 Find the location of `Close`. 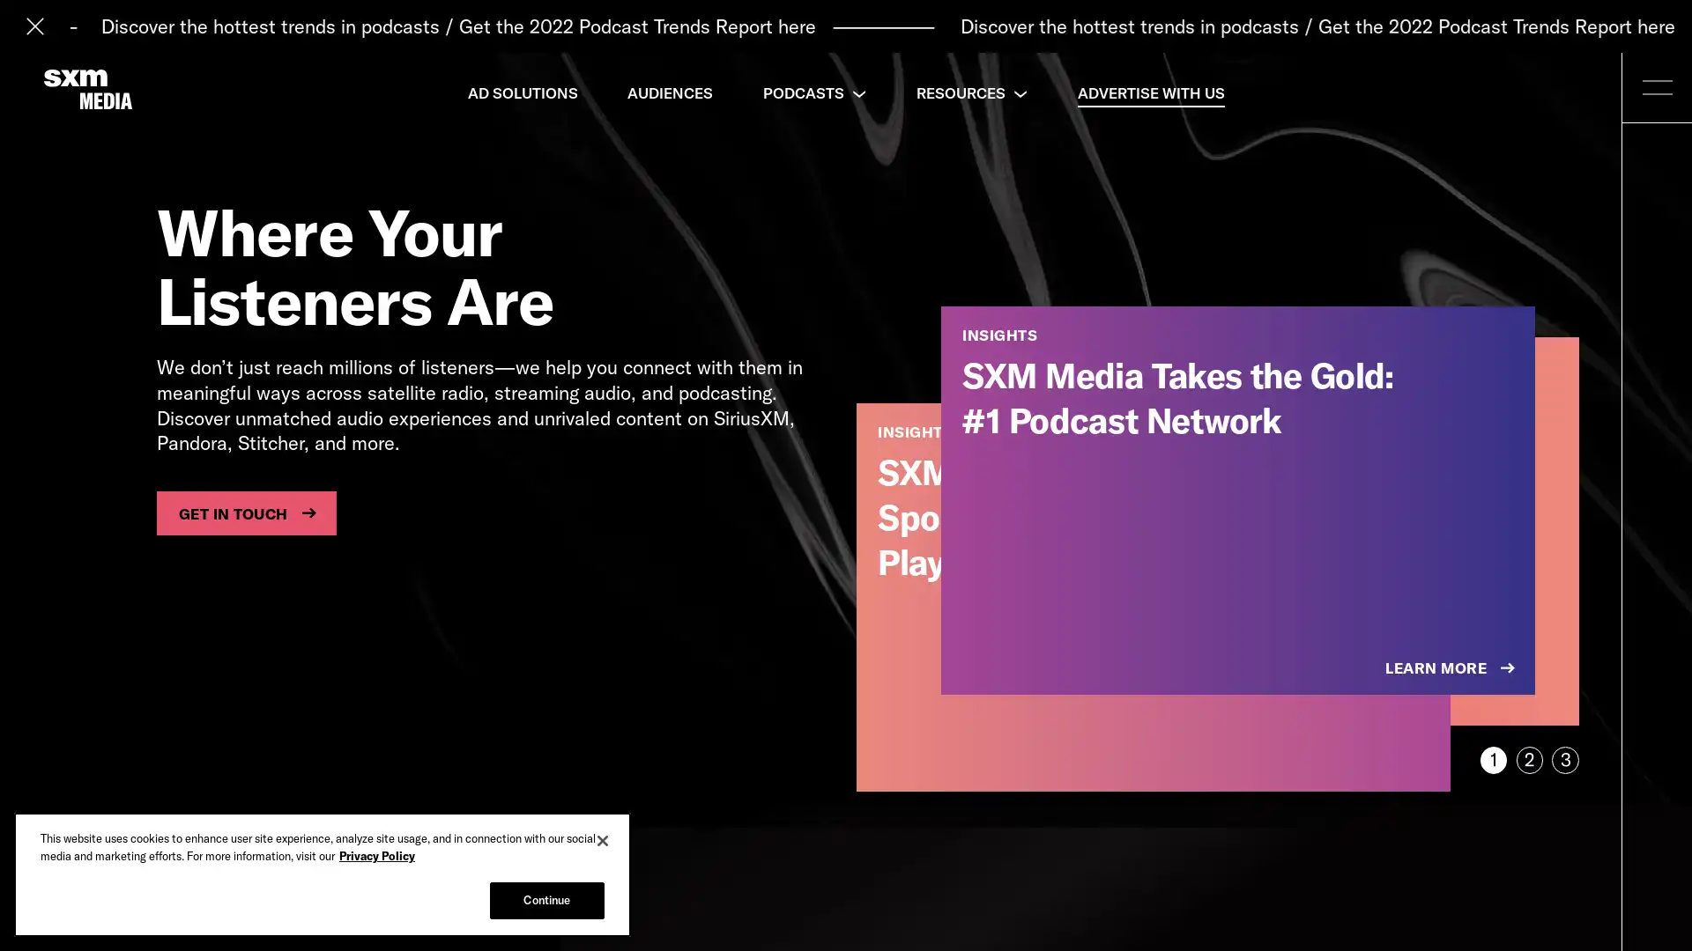

Close is located at coordinates (603, 840).